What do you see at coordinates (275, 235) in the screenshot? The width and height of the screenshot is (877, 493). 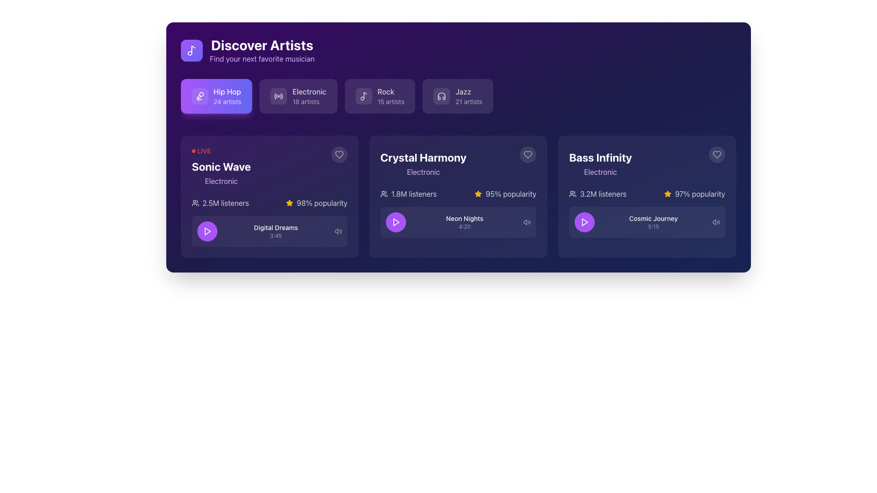 I see `the text label displaying '3:45' in light gray font, located below 'Digital Dreams' in the card for 'Sonic Wave'` at bounding box center [275, 235].